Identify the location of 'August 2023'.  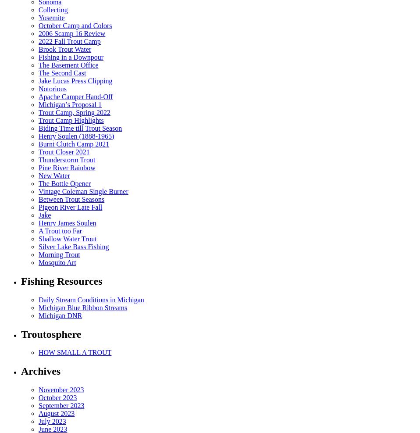
(57, 413).